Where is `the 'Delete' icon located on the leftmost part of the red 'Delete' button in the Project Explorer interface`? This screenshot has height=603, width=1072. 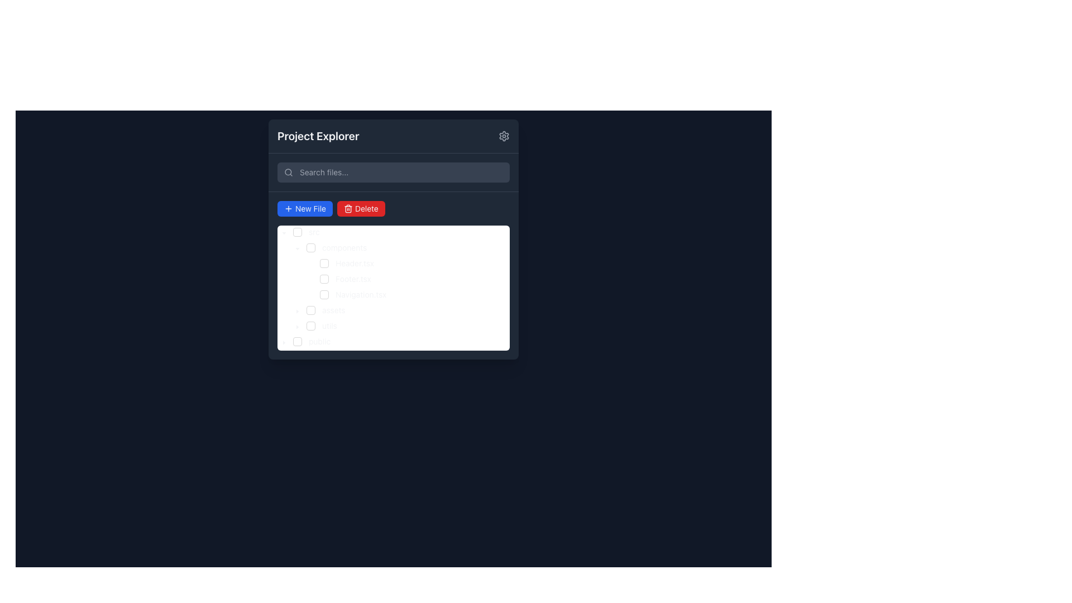
the 'Delete' icon located on the leftmost part of the red 'Delete' button in the Project Explorer interface is located at coordinates (348, 209).